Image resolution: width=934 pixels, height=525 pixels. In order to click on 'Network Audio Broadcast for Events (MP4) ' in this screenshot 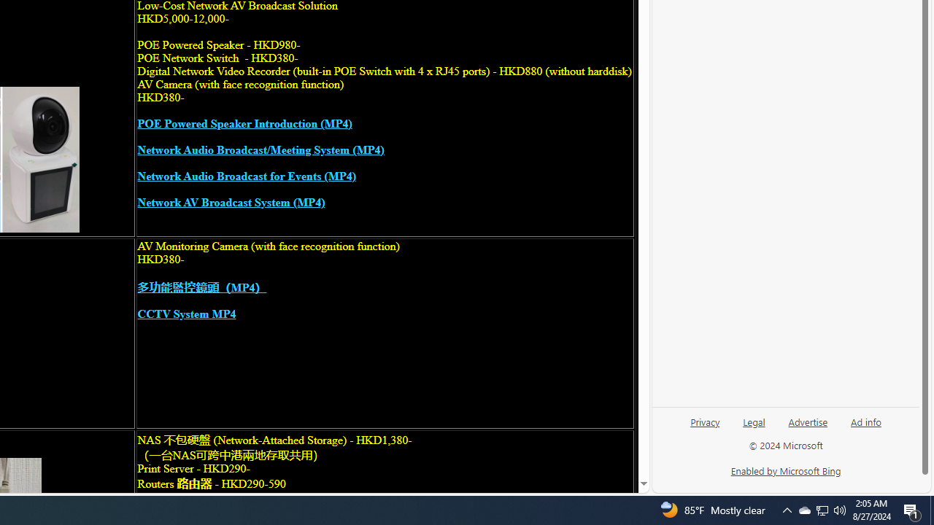, I will do `click(246, 176)`.